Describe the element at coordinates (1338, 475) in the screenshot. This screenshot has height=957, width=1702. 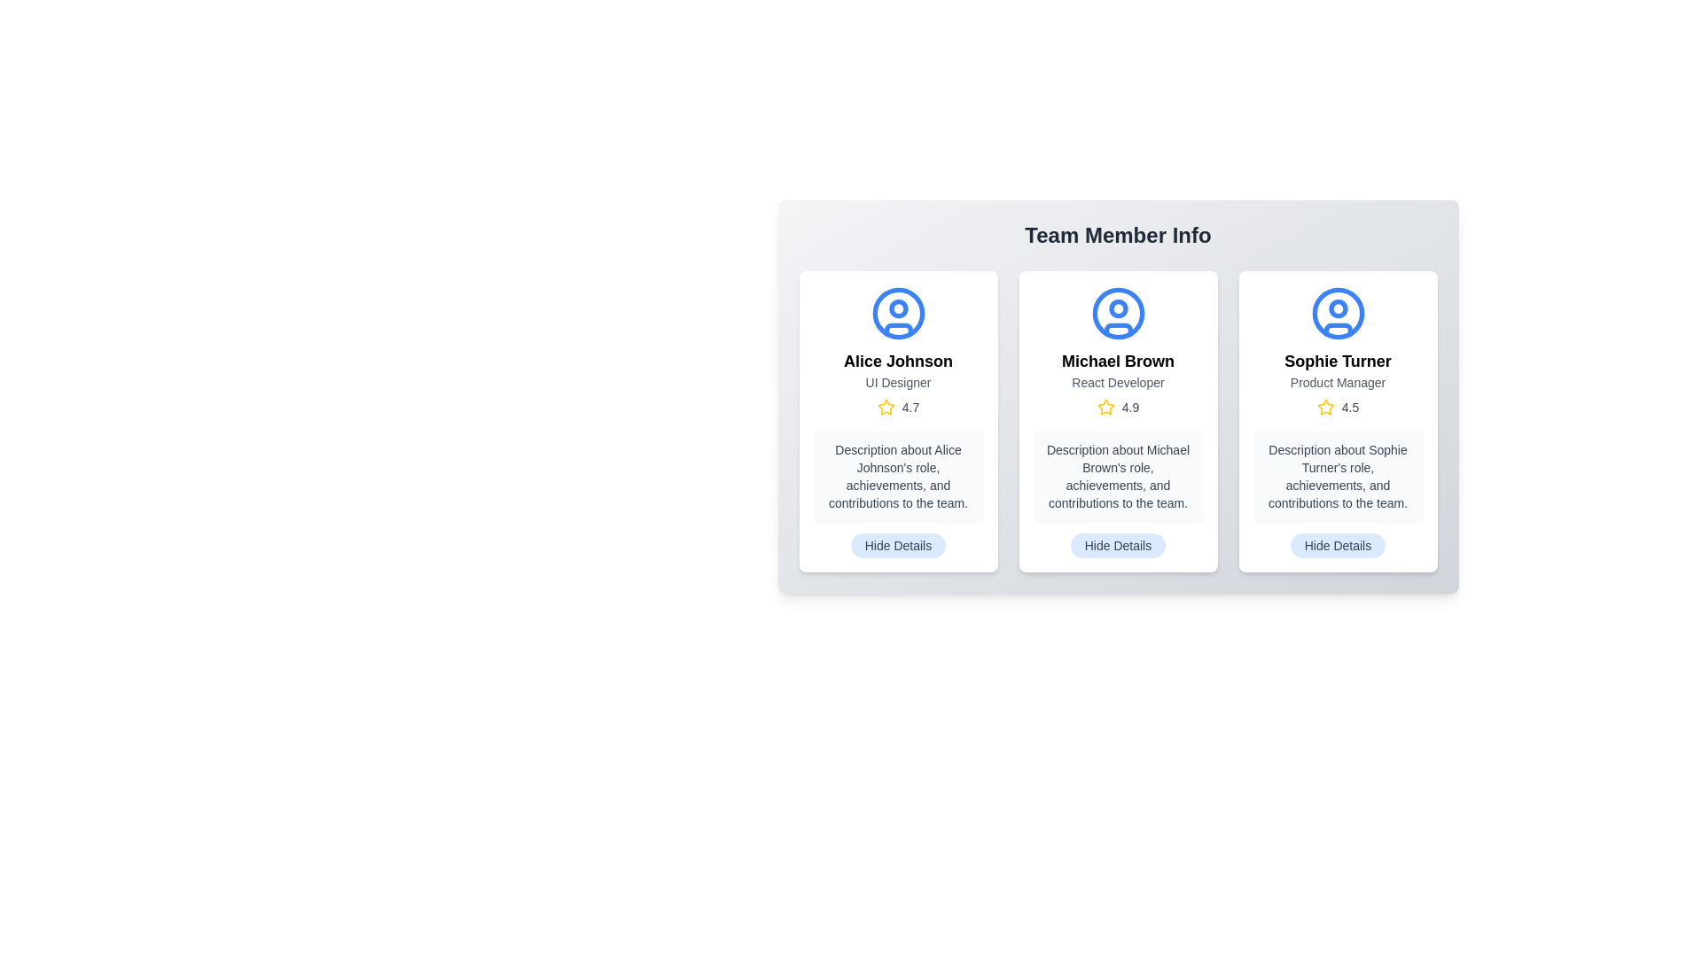
I see `the static text block that presents detailed information about Sophie Turner's role and contributions, located in the bottom part of the card in the third column of the 'Team Member Info' section` at that location.